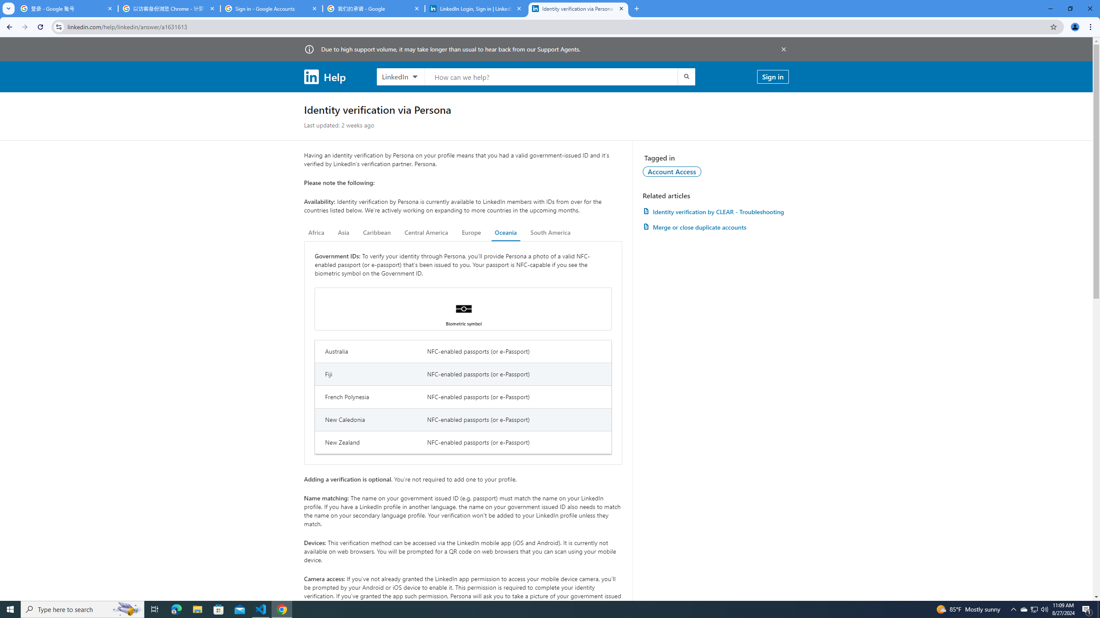 This screenshot has height=618, width=1100. What do you see at coordinates (271, 8) in the screenshot?
I see `'Sign in - Google Accounts'` at bounding box center [271, 8].